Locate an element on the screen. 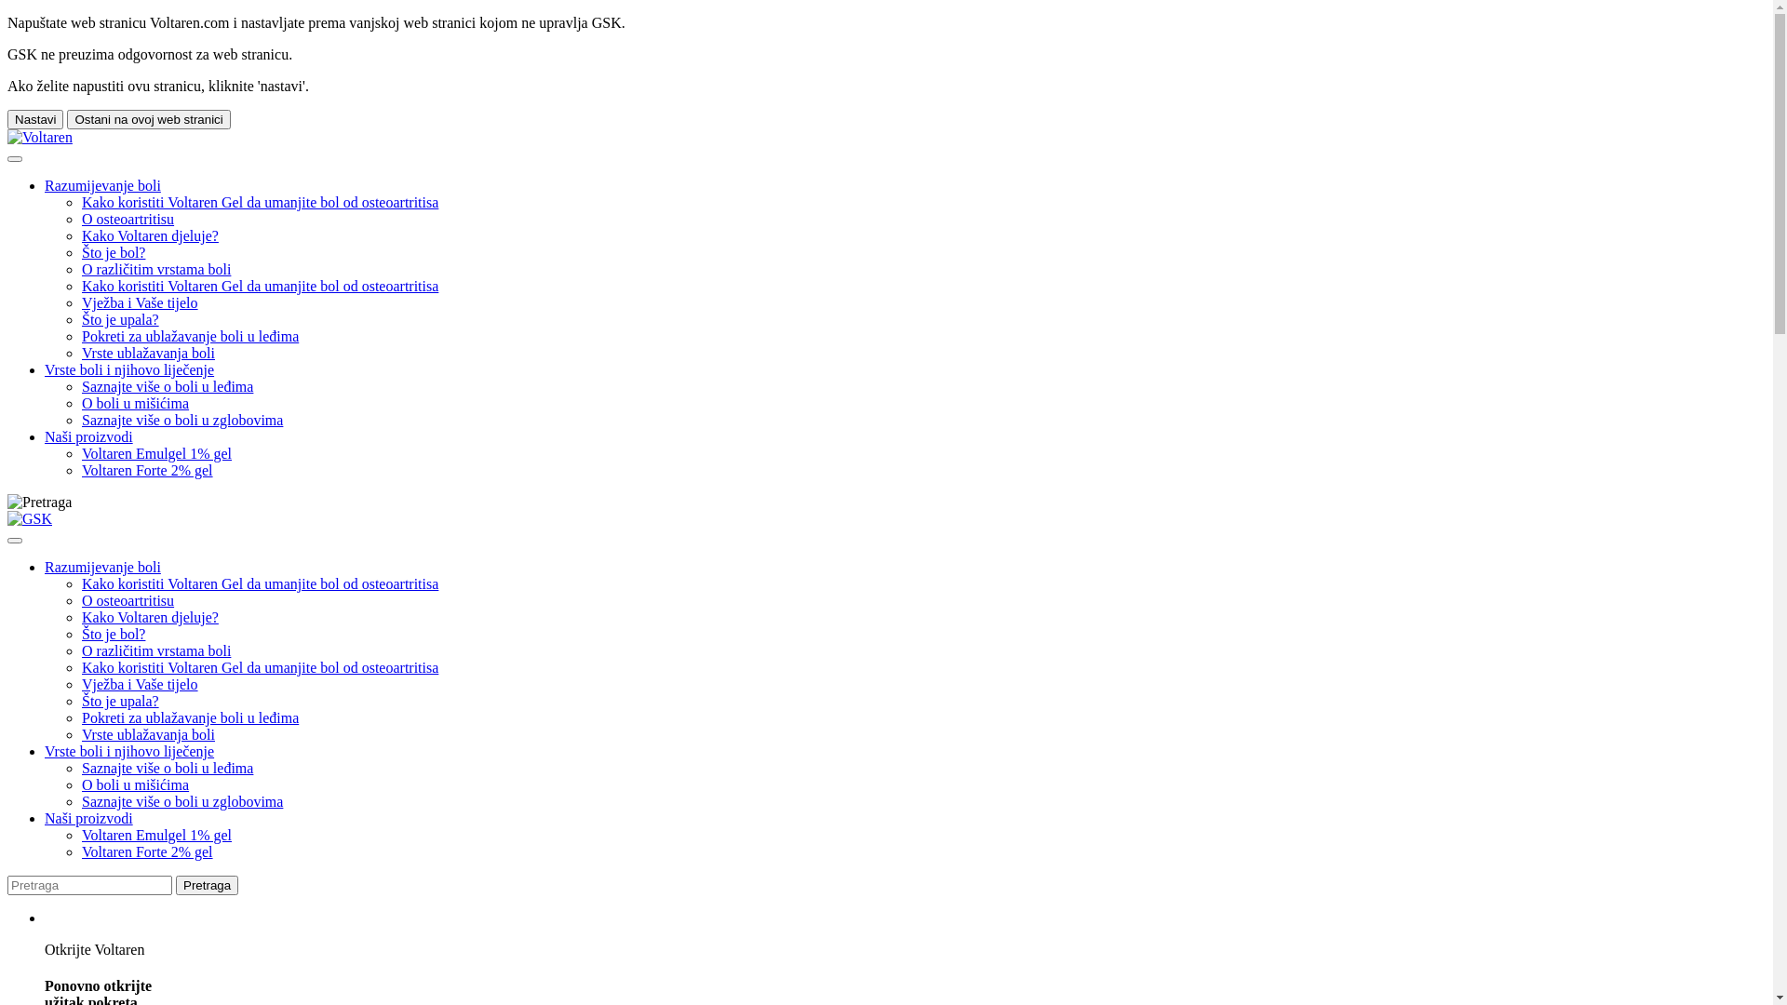  'Pretraga' is located at coordinates (207, 884).